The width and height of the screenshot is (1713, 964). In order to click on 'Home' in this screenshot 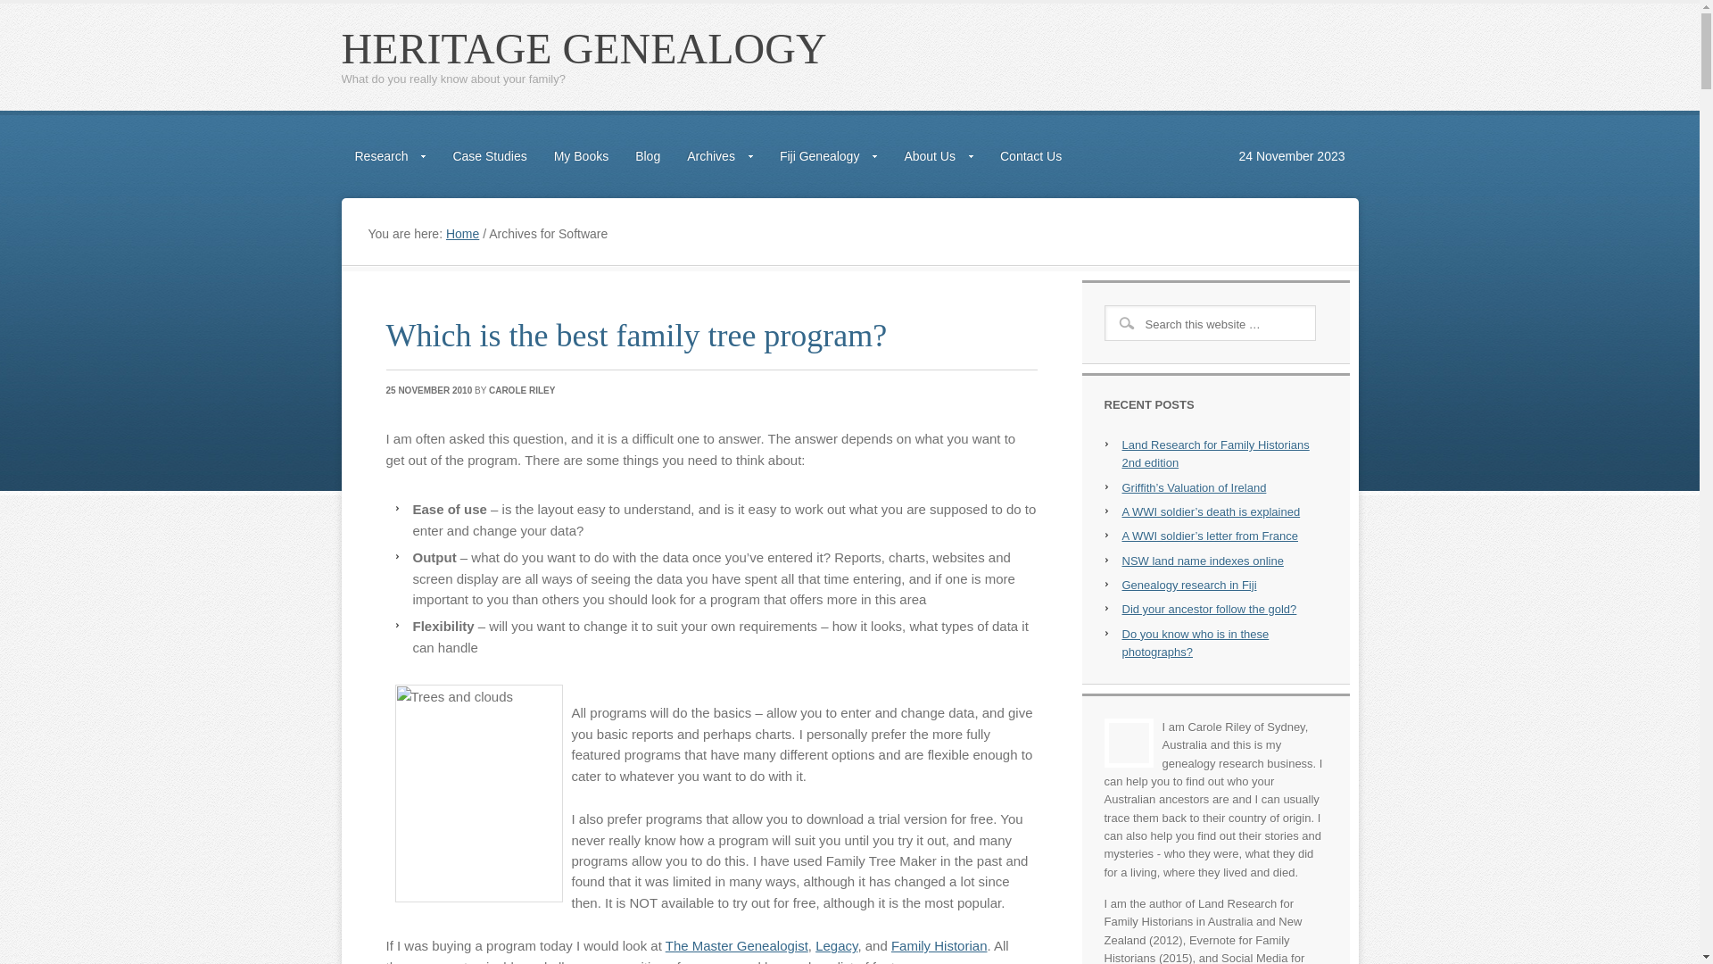, I will do `click(462, 233)`.